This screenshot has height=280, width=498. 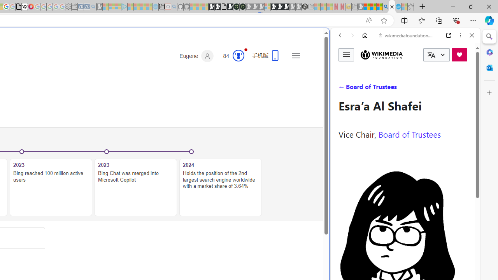 I want to click on 'google_privacy_policy_zh-CN.pdf', so click(x=18, y=7).